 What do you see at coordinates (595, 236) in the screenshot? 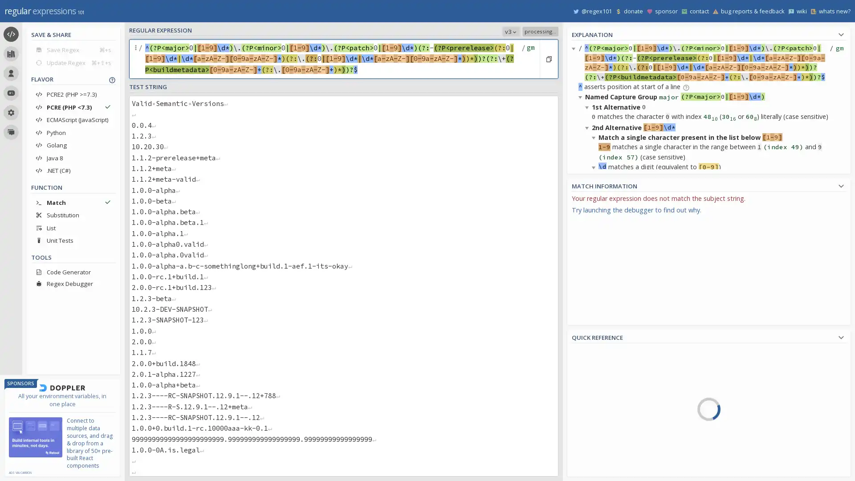
I see `Group minor` at bounding box center [595, 236].